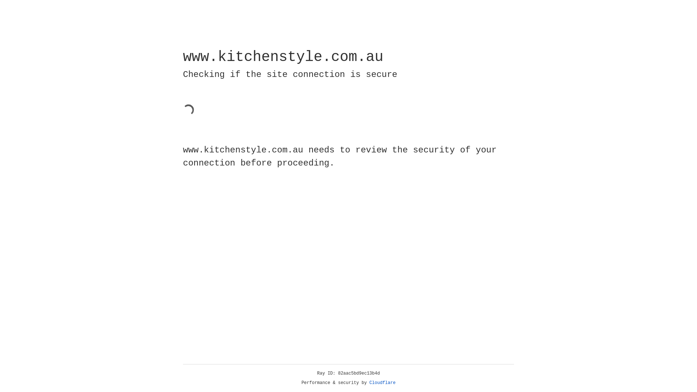 The image size is (697, 392). What do you see at coordinates (382, 383) in the screenshot?
I see `'Cloudflare'` at bounding box center [382, 383].